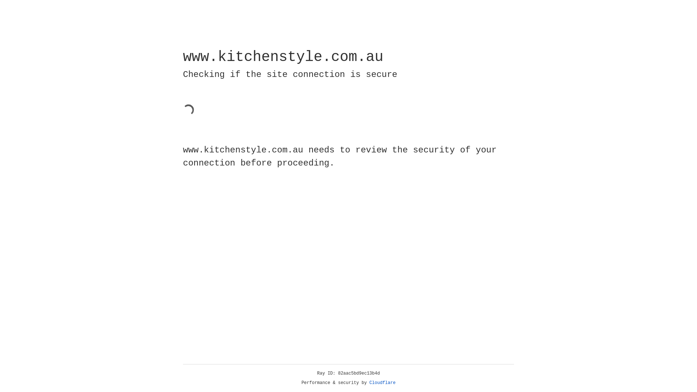 The image size is (697, 392). What do you see at coordinates (382, 383) in the screenshot?
I see `'Cloudflare'` at bounding box center [382, 383].